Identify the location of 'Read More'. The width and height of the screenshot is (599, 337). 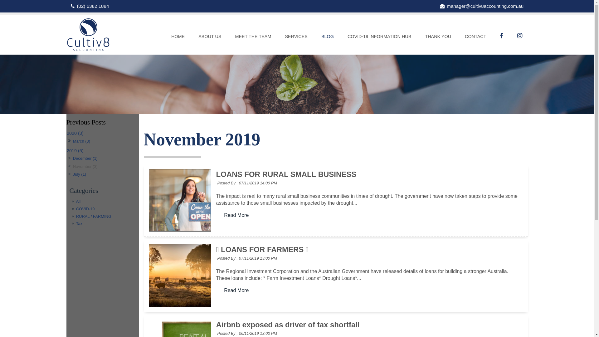
(236, 215).